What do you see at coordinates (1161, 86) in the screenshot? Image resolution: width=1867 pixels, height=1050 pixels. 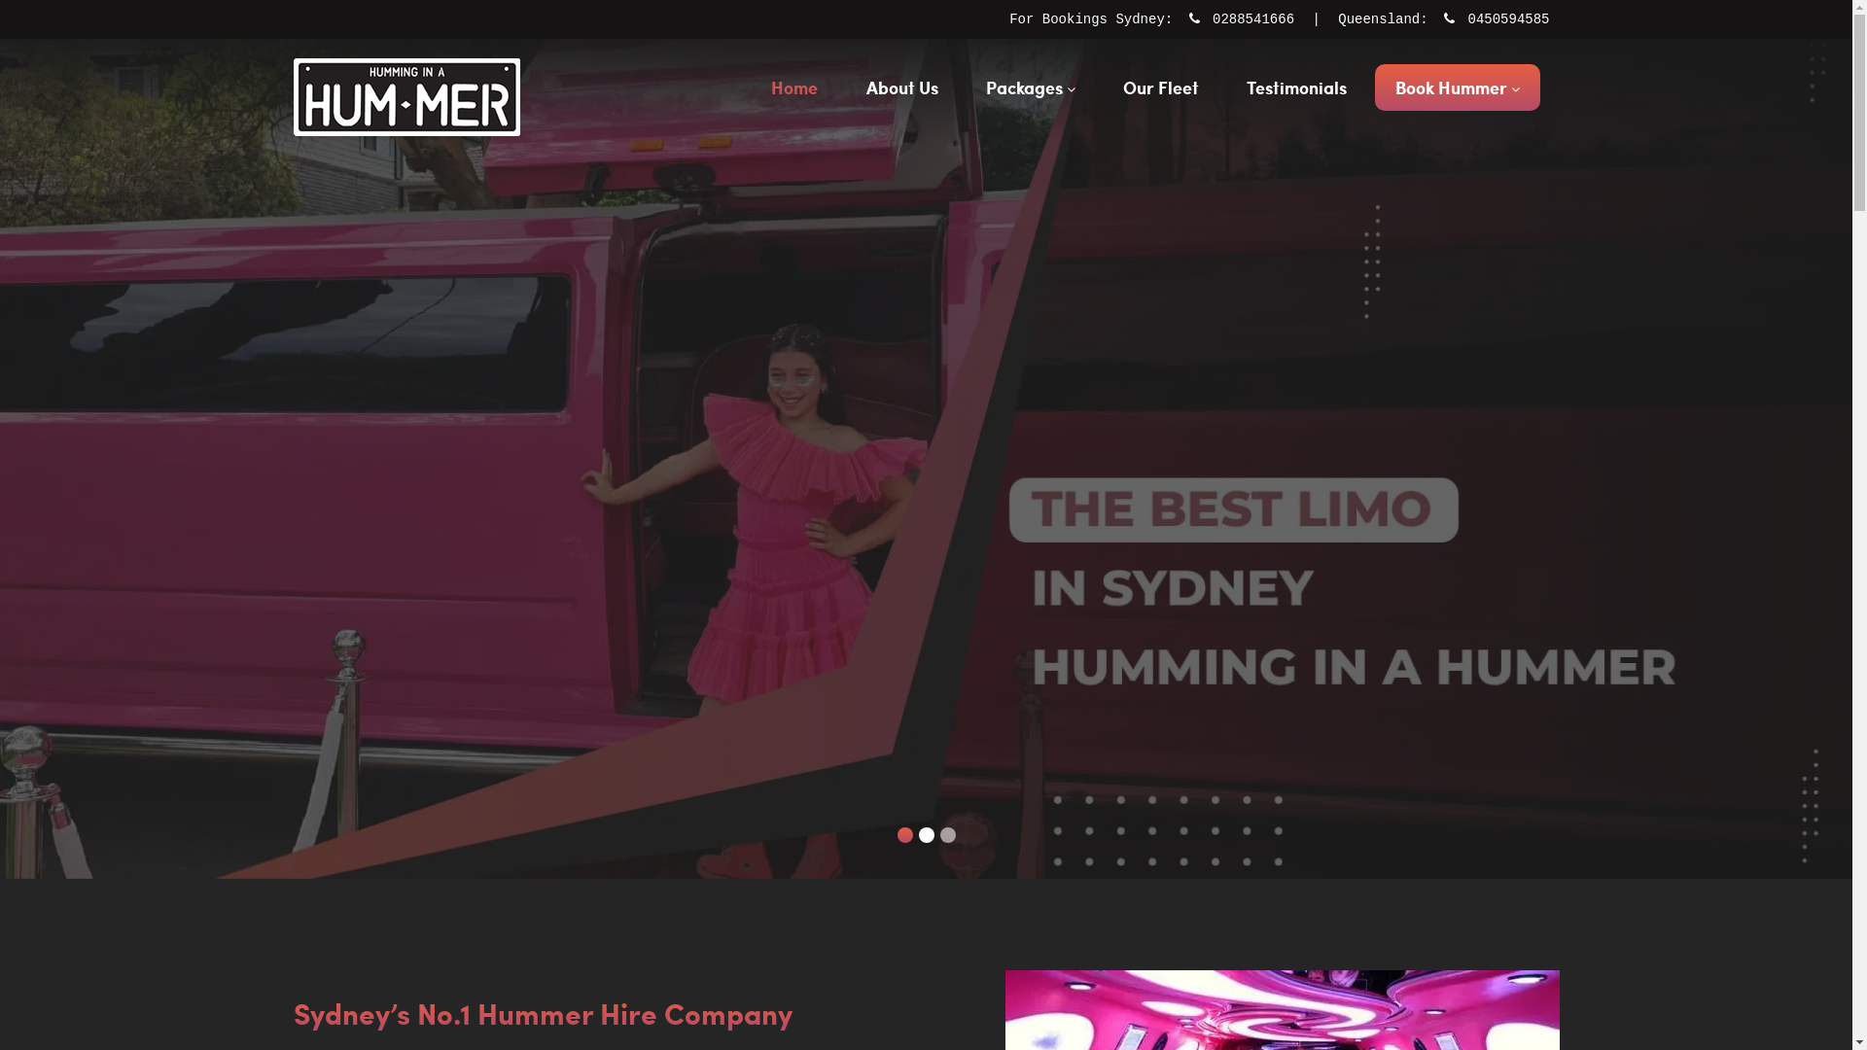 I see `'Our Fleet'` at bounding box center [1161, 86].